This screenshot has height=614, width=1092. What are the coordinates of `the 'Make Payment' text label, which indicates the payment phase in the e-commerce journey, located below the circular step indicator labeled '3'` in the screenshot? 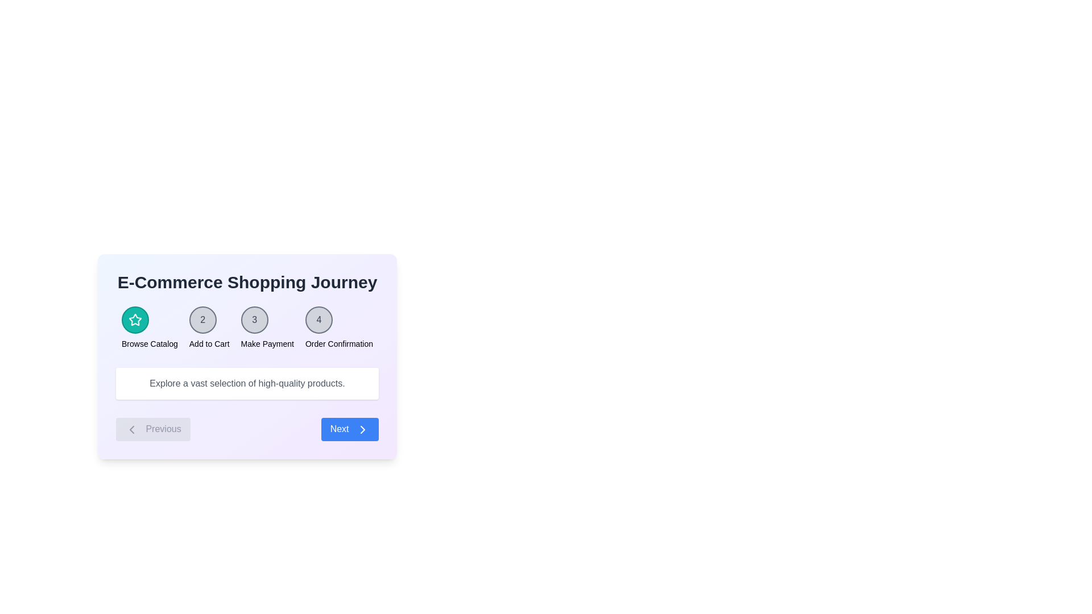 It's located at (267, 343).